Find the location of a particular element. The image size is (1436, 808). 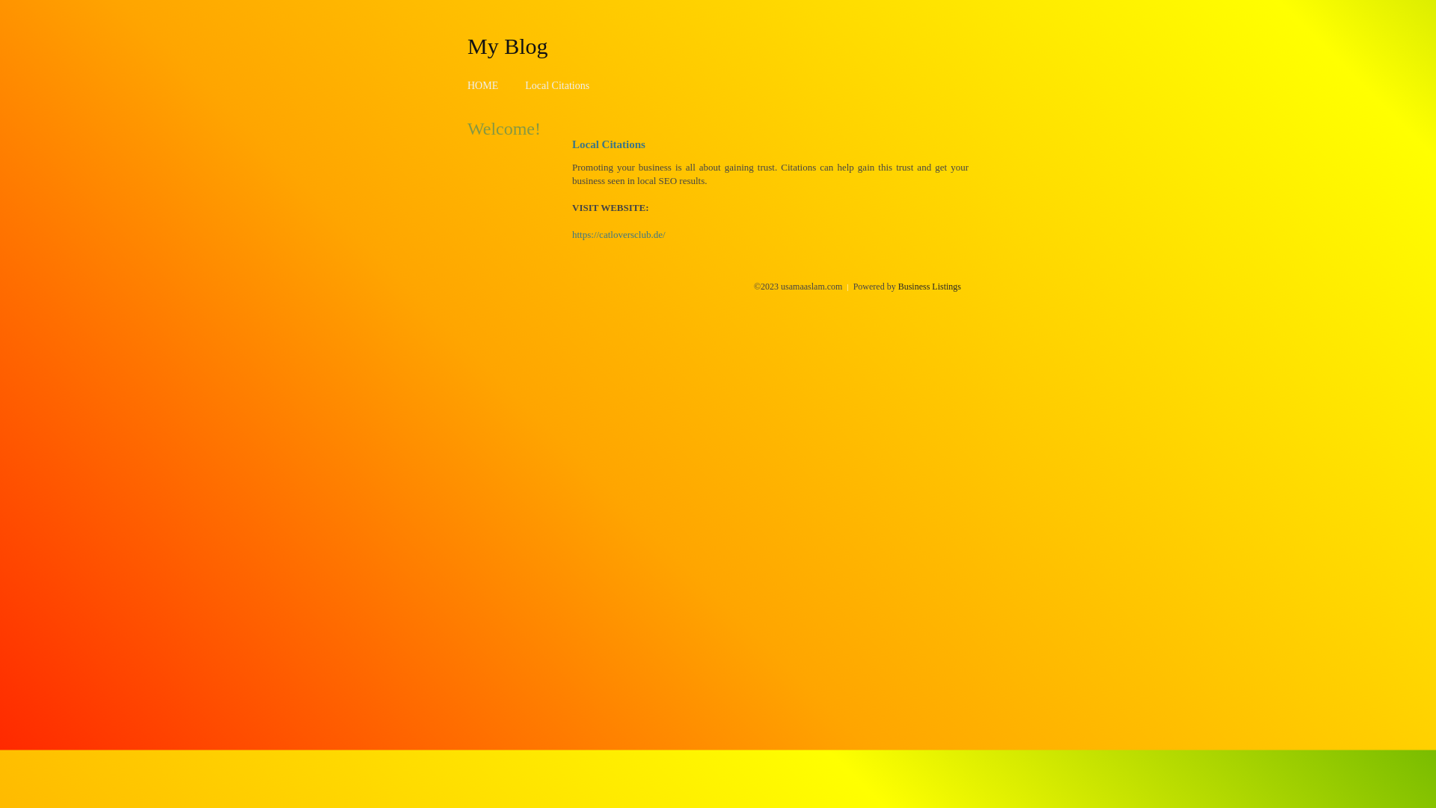

'My Blog' is located at coordinates (466, 45).